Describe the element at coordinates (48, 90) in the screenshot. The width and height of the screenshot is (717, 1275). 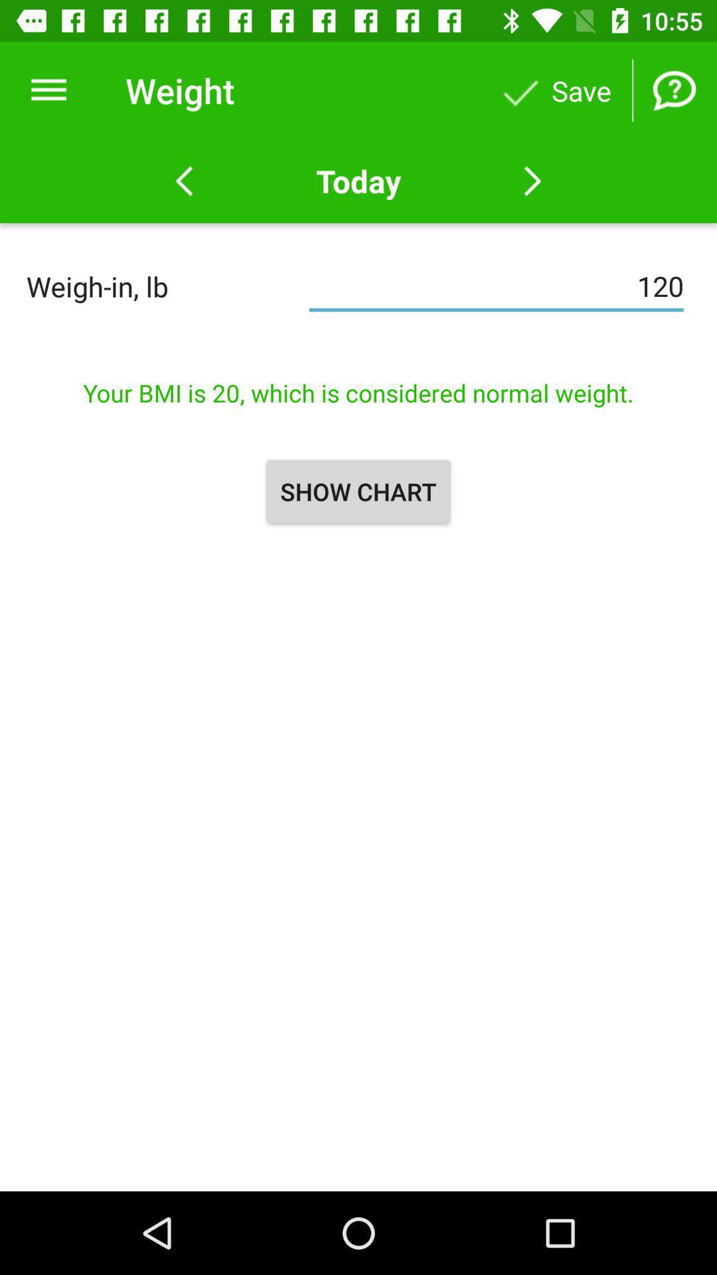
I see `the item next to weight` at that location.